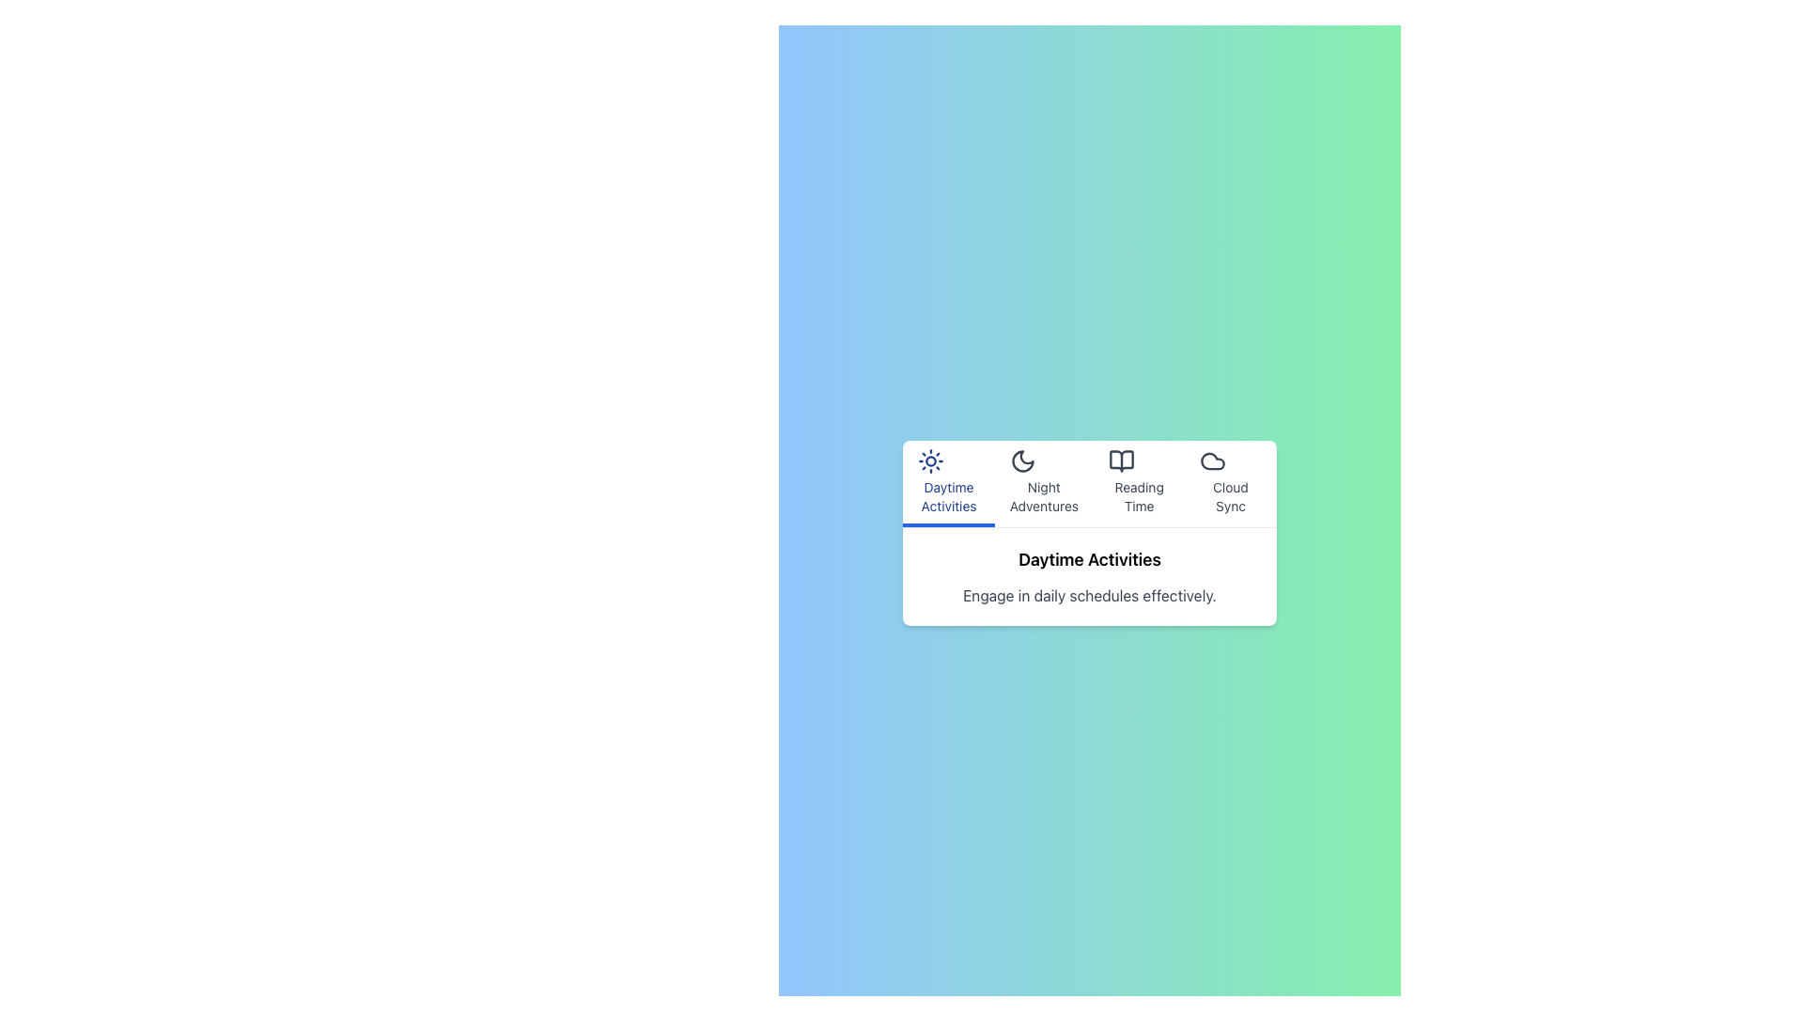 The width and height of the screenshot is (1804, 1015). I want to click on the 'Night Adventures' button in the navigation bar, so click(1043, 482).